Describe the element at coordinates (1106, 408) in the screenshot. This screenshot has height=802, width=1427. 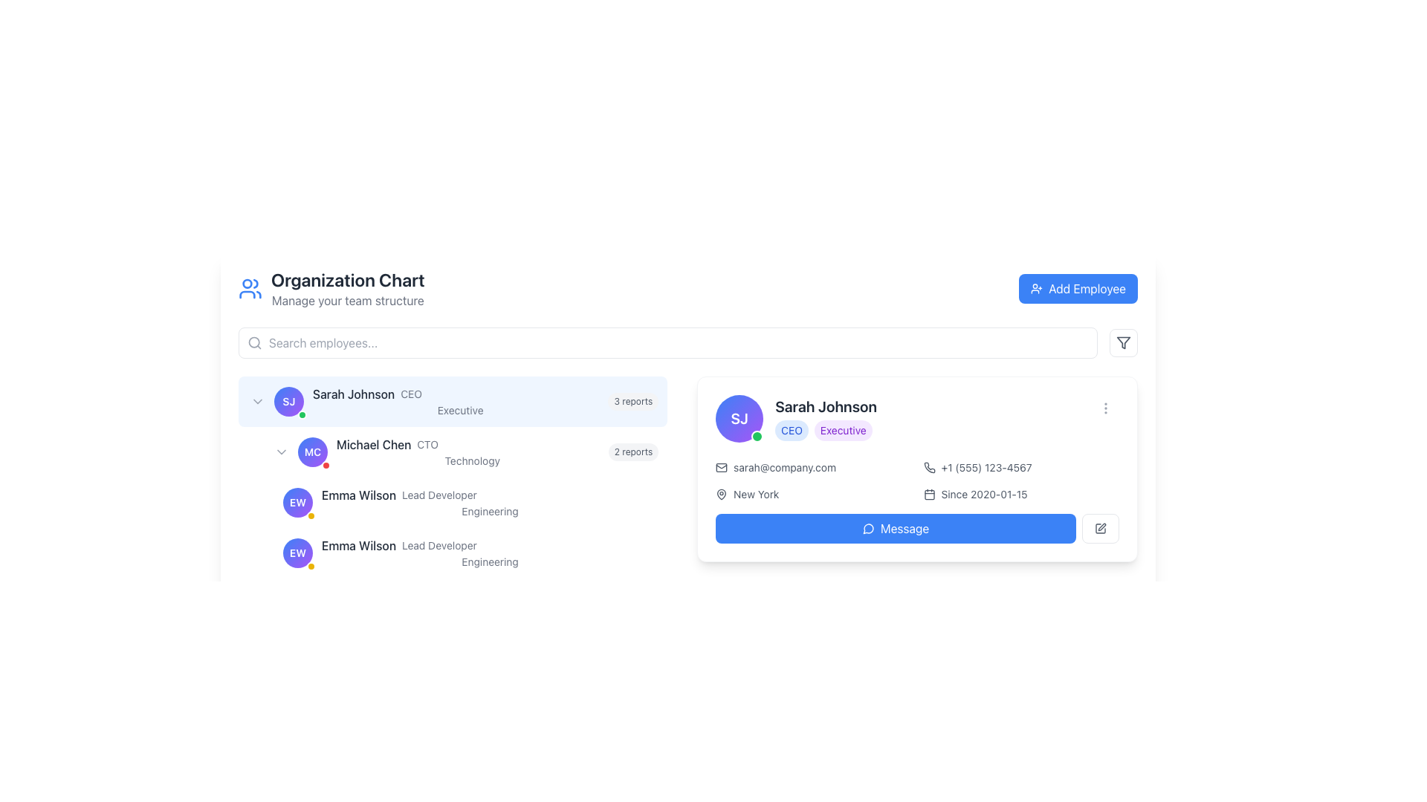
I see `the Vertical ellipsis icon (SVG) located in the upper-right corner of the detailed information card for Sarah Johnson` at that location.